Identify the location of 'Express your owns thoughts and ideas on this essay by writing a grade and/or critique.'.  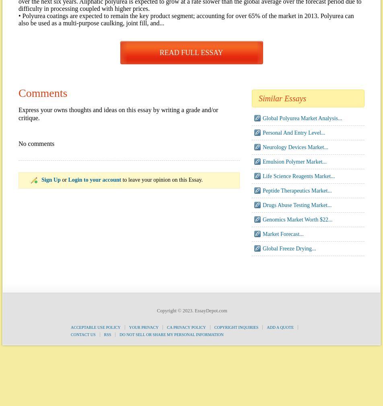
(118, 114).